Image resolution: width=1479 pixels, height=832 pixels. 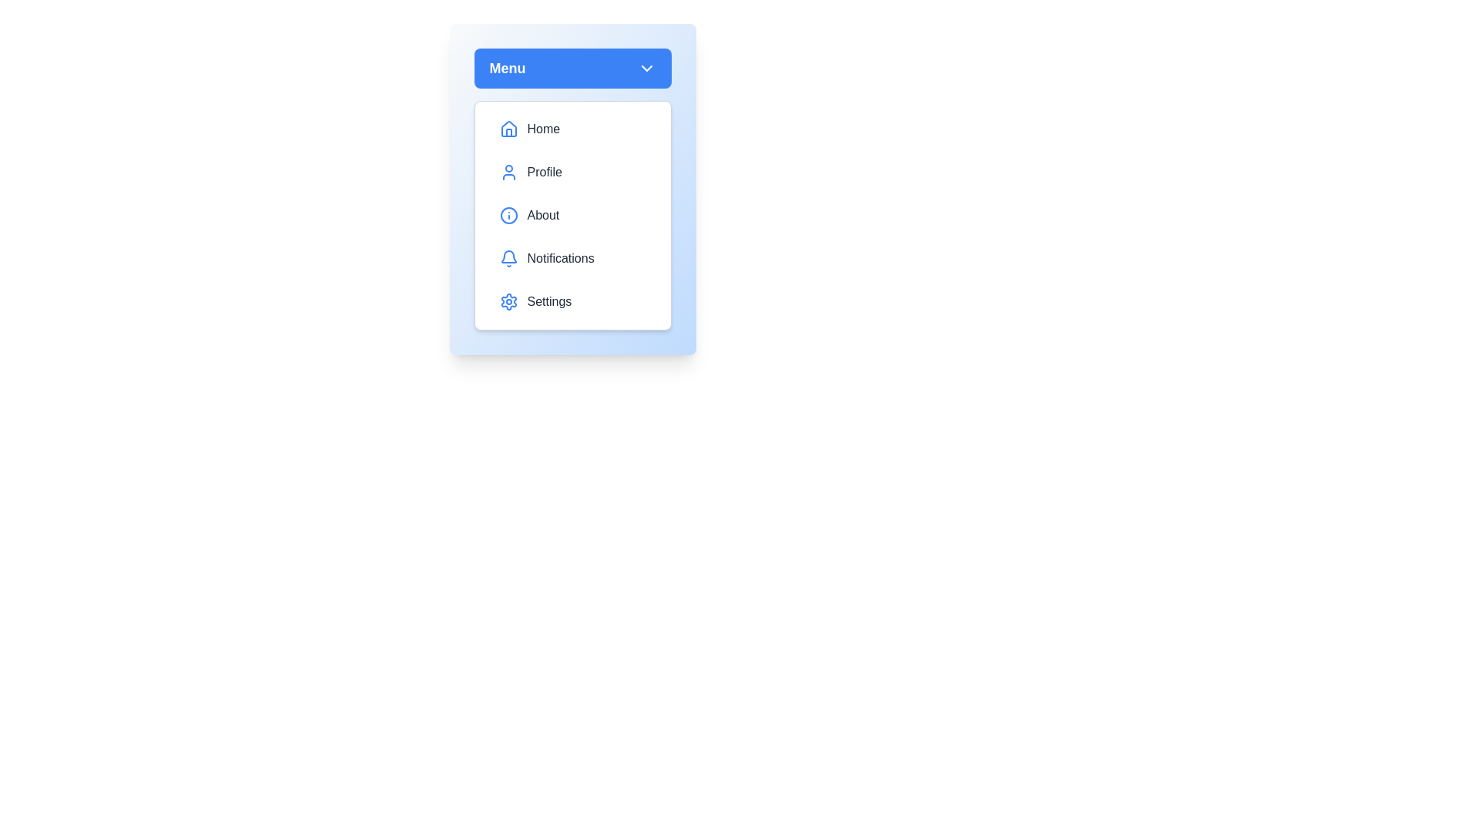 I want to click on the menu option About to highlight it, so click(x=572, y=216).